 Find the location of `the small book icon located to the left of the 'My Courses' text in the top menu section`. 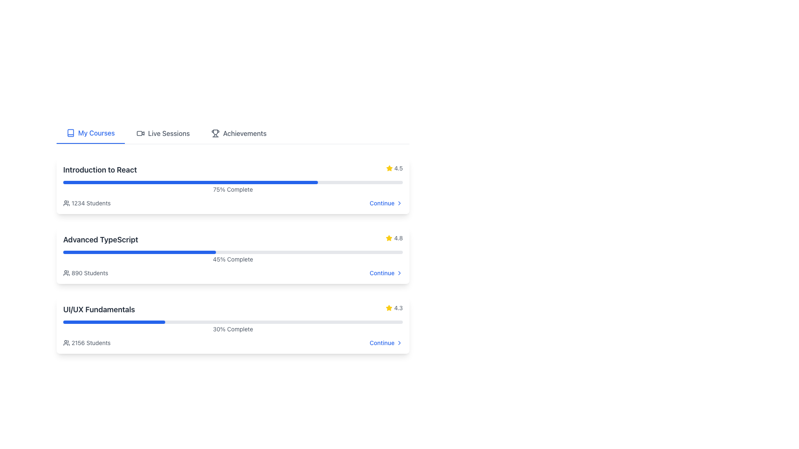

the small book icon located to the left of the 'My Courses' text in the top menu section is located at coordinates (70, 133).